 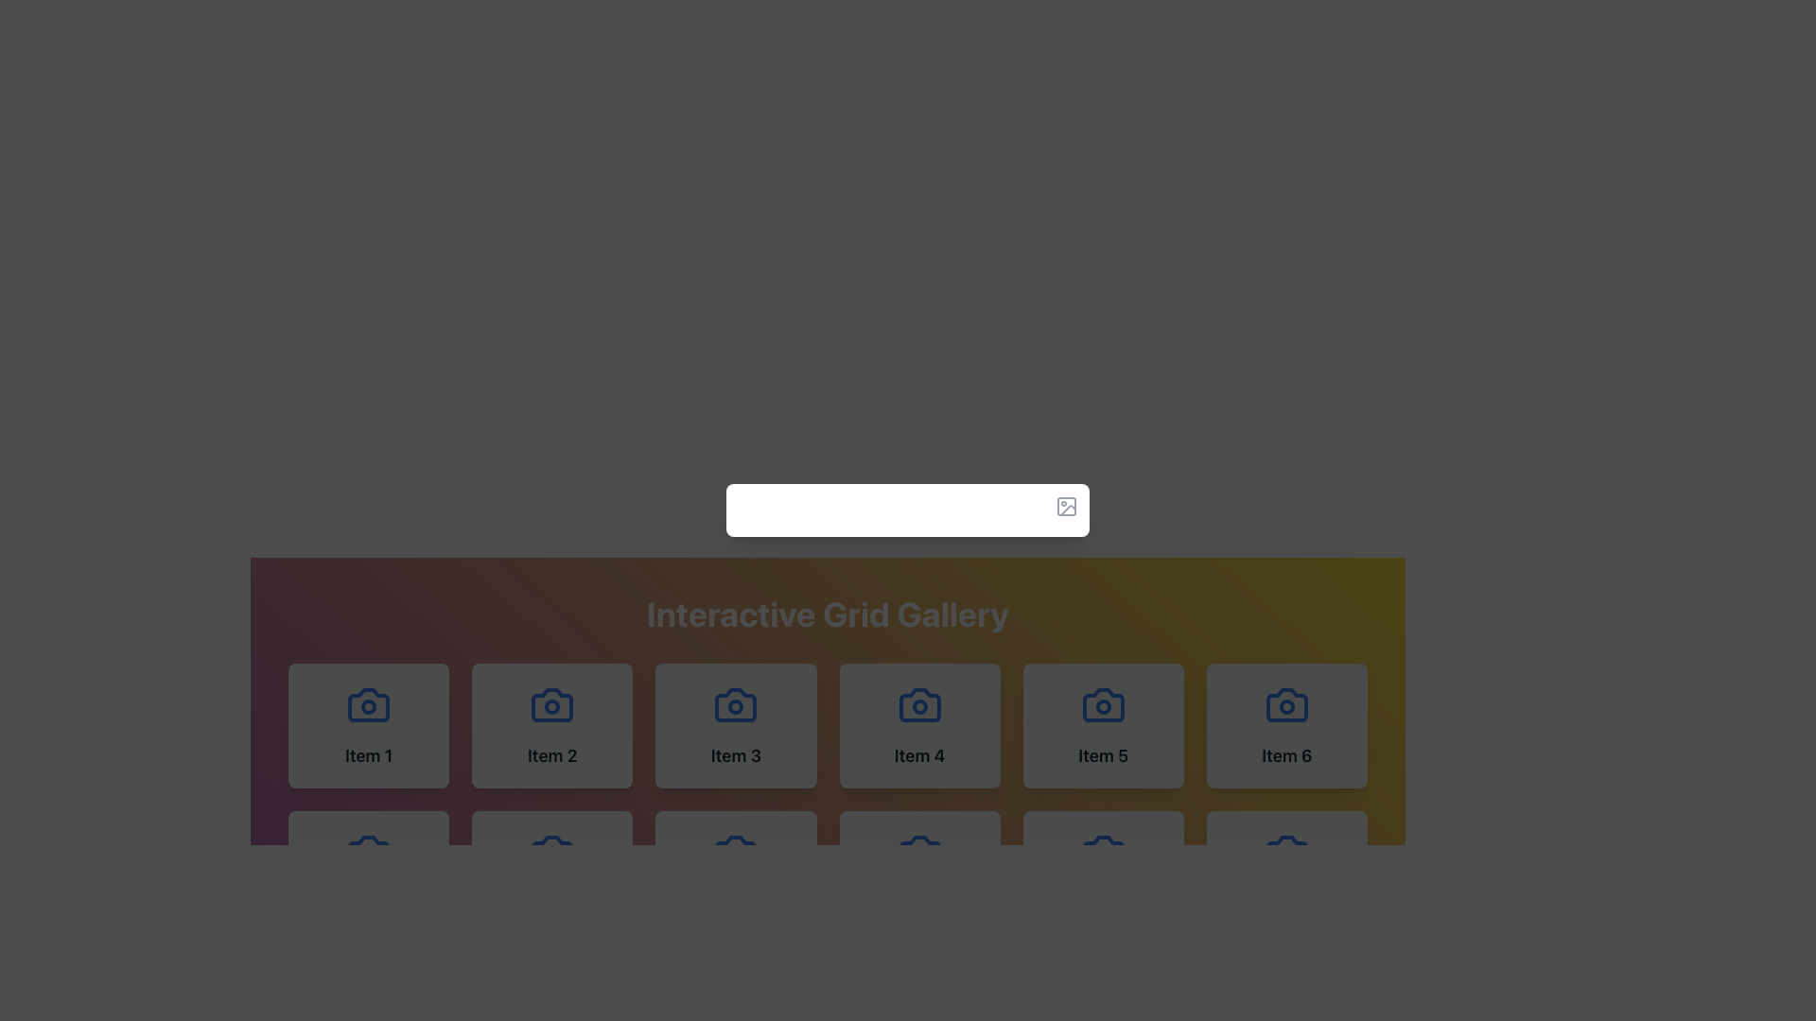 I want to click on the small circular SVG element that represents the camera within the grid item labeled 'Item 1.', so click(x=735, y=854).